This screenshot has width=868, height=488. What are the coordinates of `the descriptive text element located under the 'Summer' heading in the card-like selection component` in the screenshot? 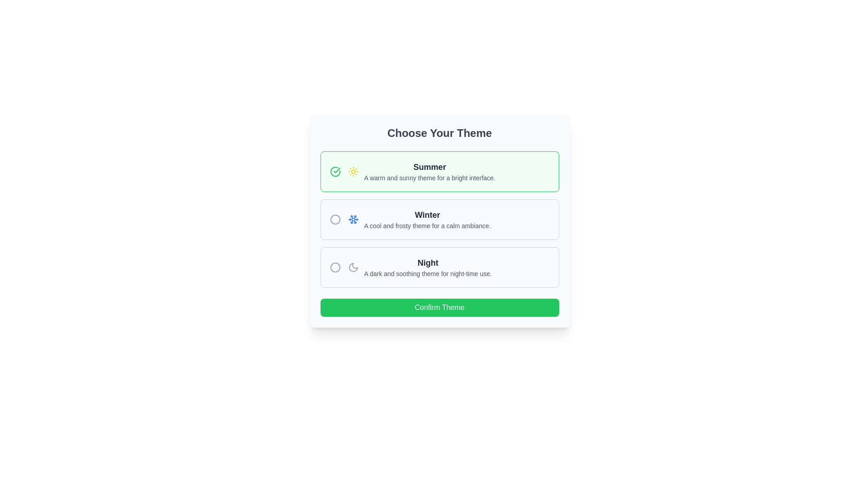 It's located at (429, 178).